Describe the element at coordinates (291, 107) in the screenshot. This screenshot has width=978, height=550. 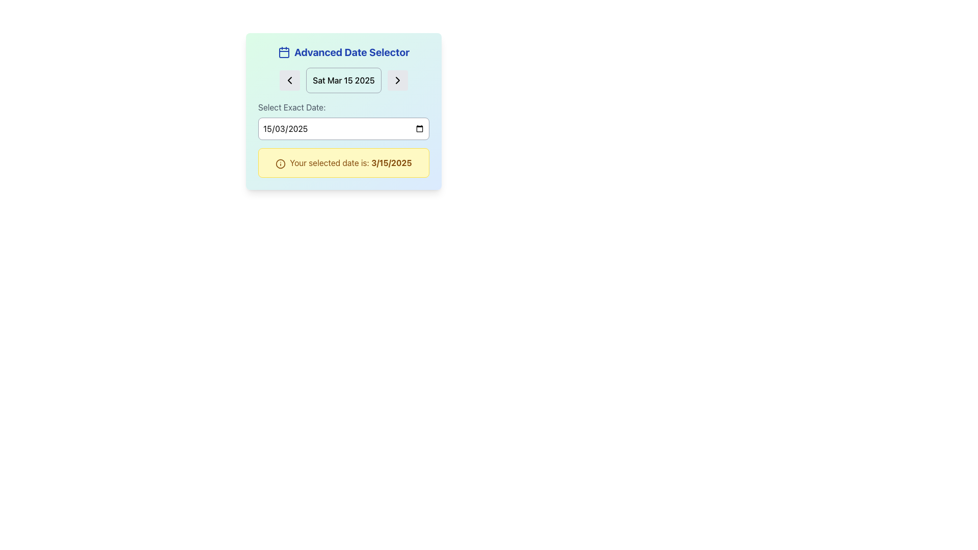
I see `the label that prompts the user to select a specific date, which is positioned above the date input field in the top-left of the form section` at that location.